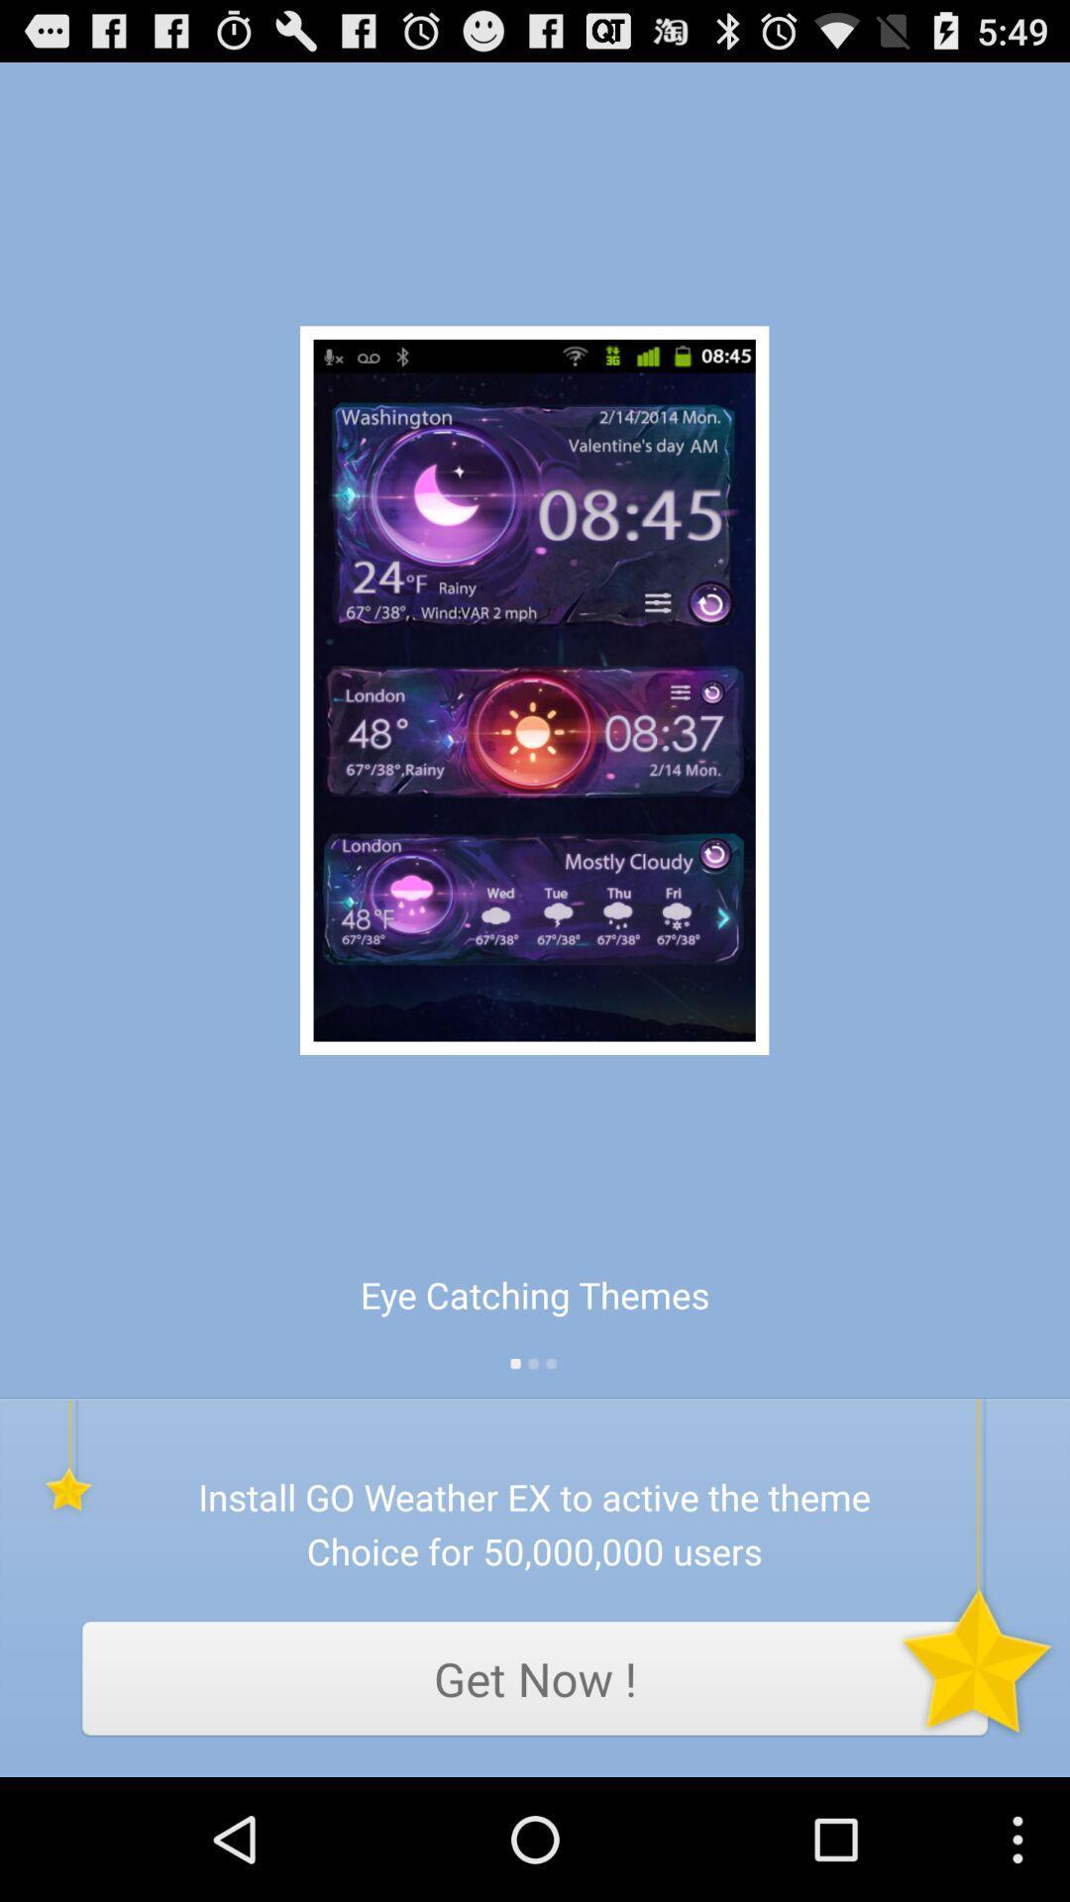 The image size is (1070, 1902). I want to click on get now ! item, so click(535, 1677).